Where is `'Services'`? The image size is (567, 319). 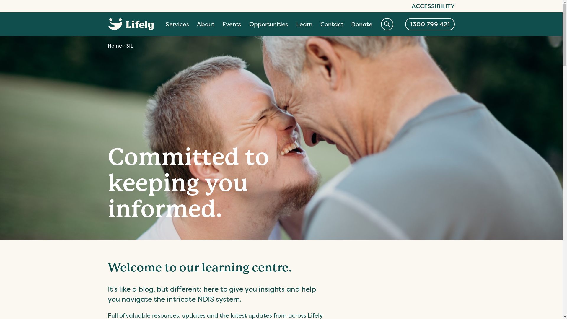 'Services' is located at coordinates (177, 24).